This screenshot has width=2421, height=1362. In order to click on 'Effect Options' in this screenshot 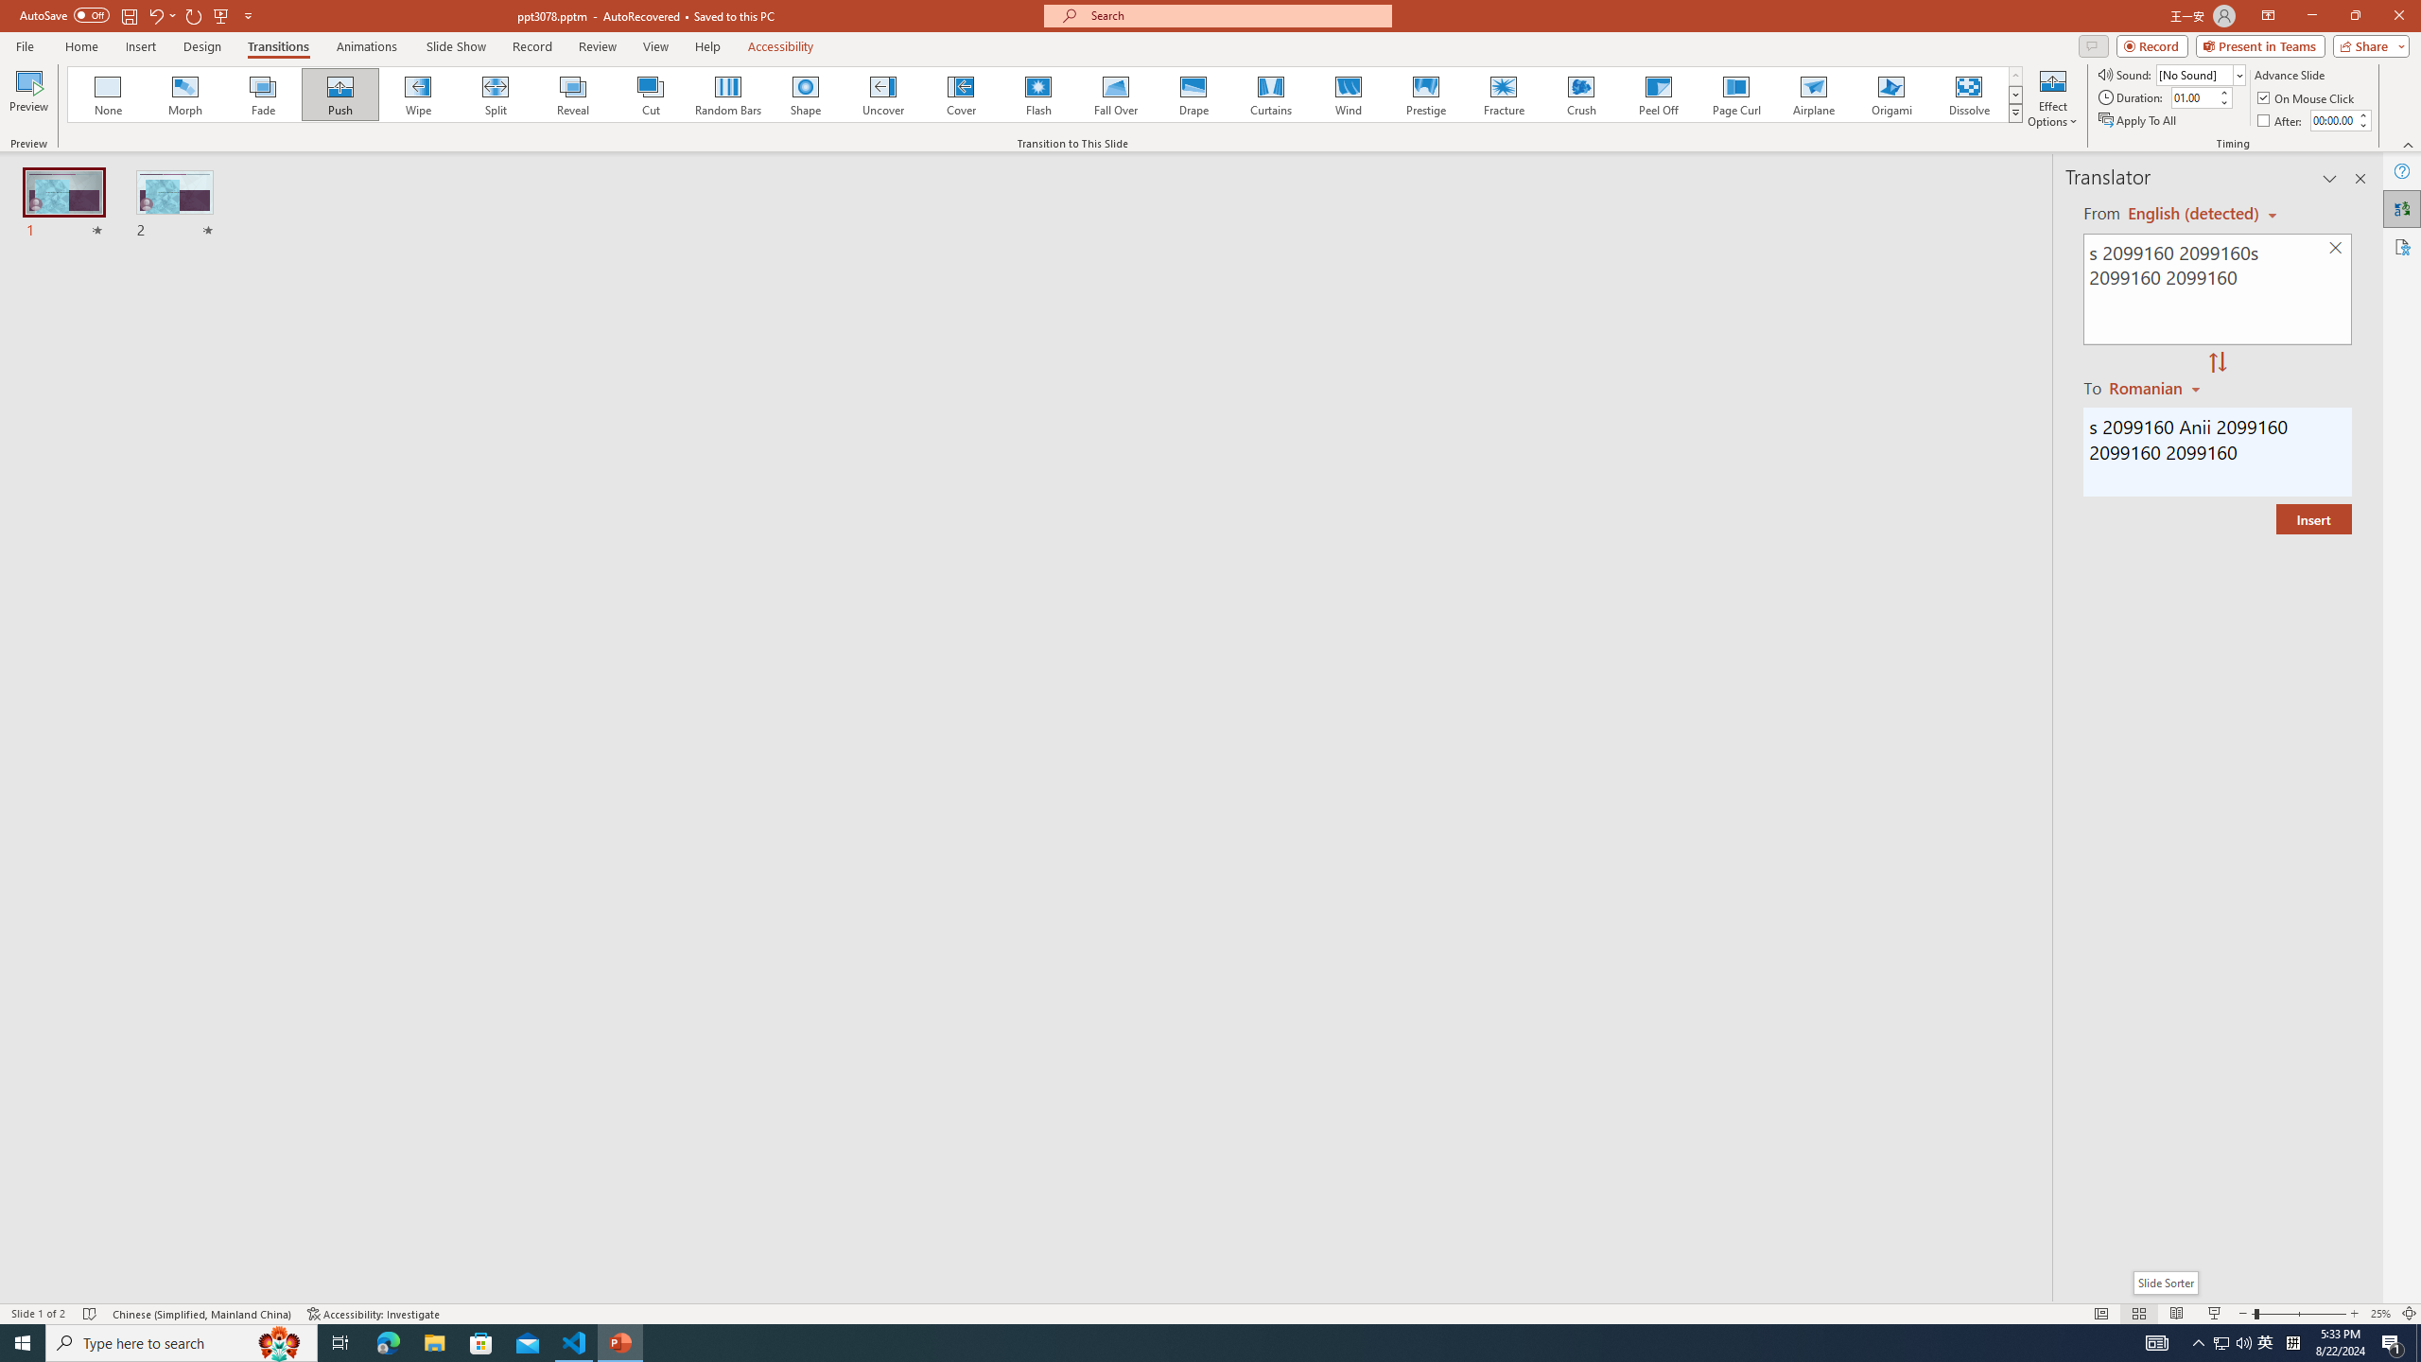, I will do `click(2051, 97)`.